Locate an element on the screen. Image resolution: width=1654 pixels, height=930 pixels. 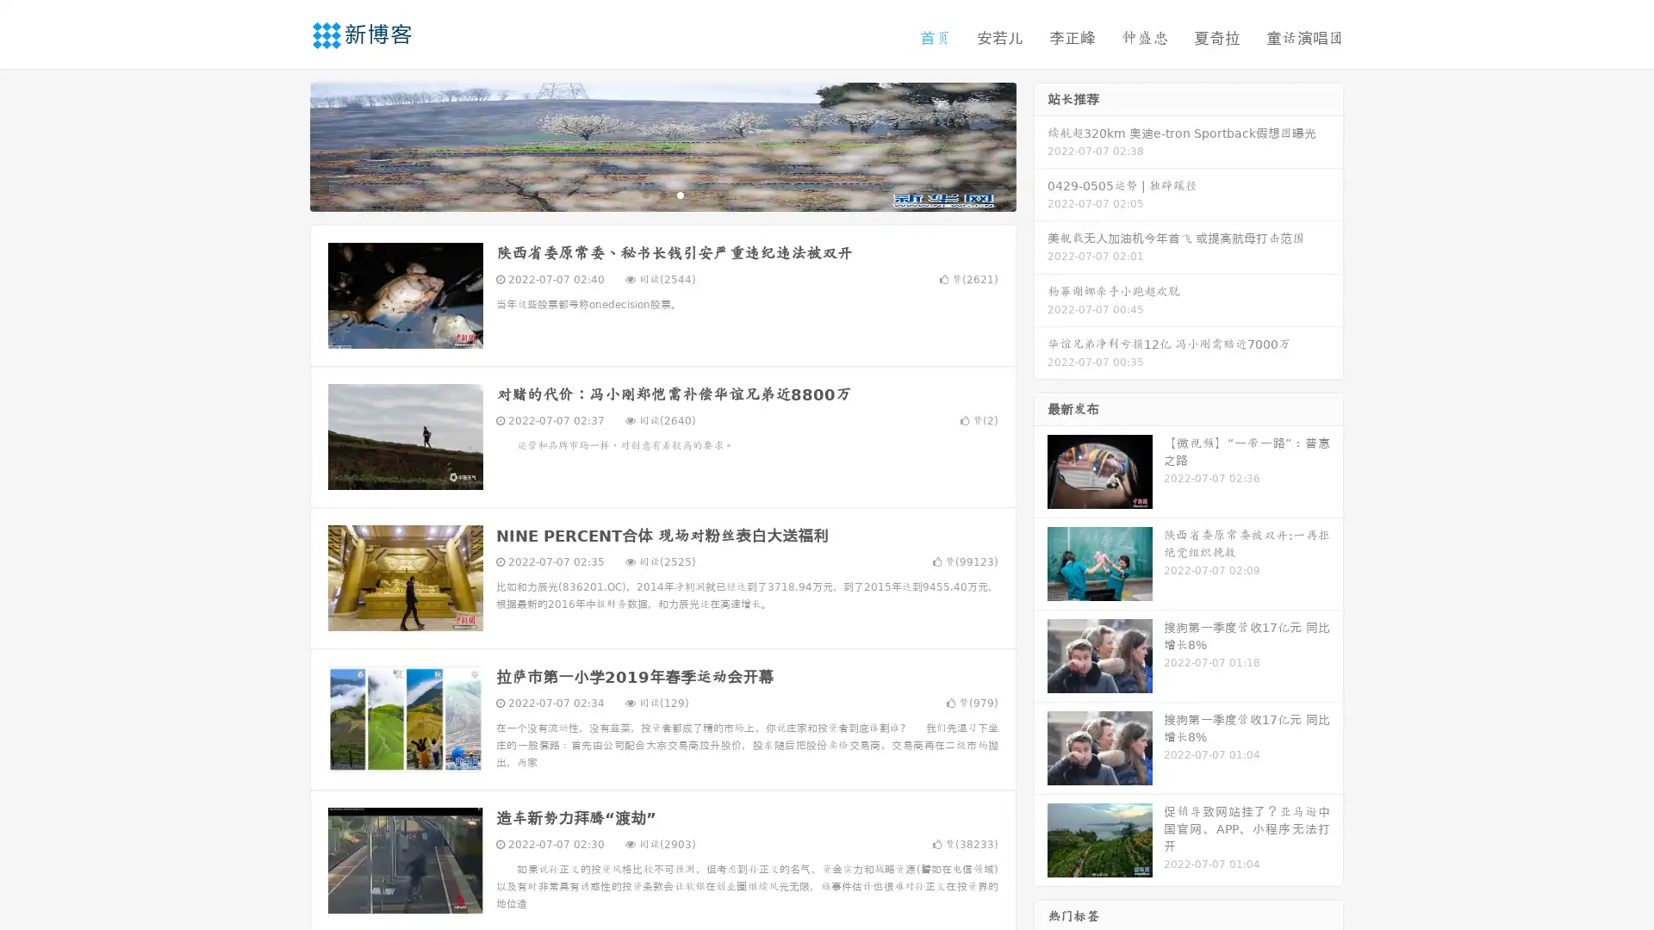
Go to slide 1 is located at coordinates (644, 194).